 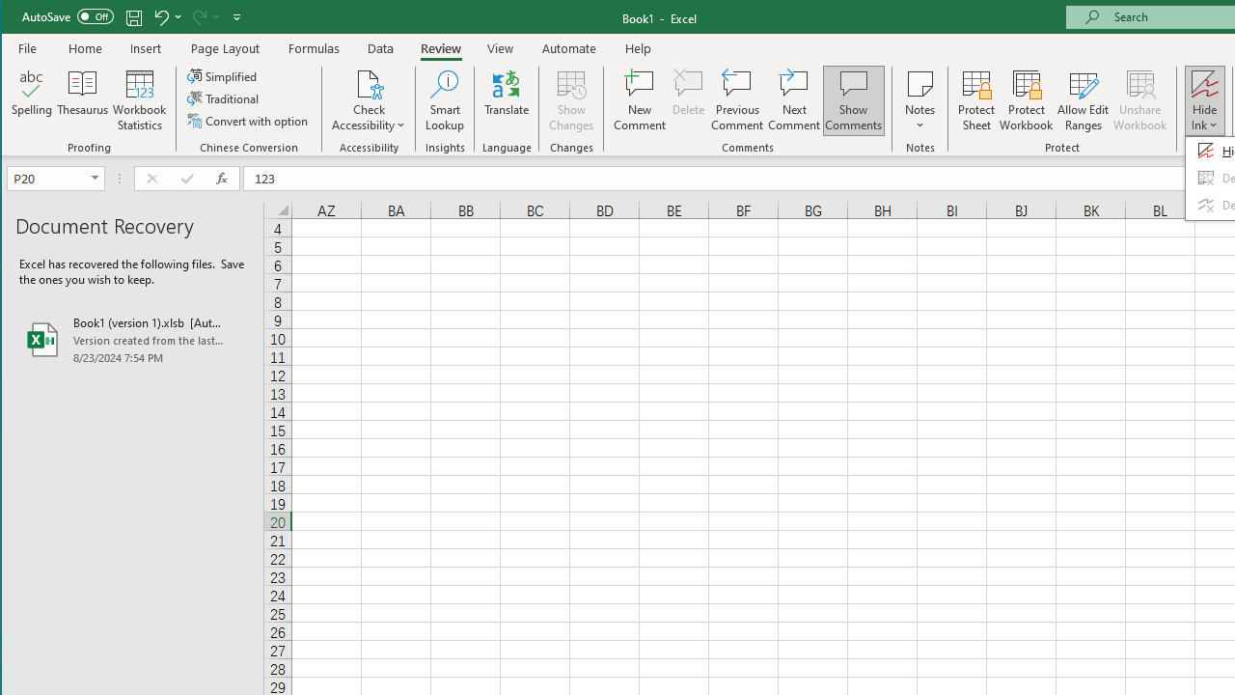 I want to click on 'Show Changes', so click(x=570, y=100).